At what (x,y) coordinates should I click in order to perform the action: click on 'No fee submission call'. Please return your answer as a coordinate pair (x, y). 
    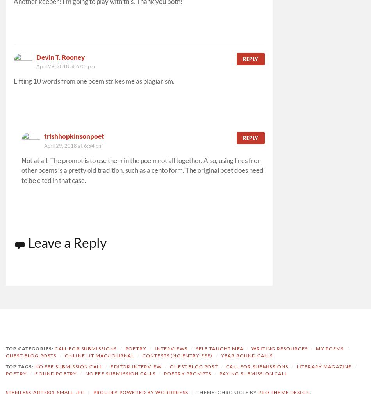
    Looking at the image, I should click on (35, 366).